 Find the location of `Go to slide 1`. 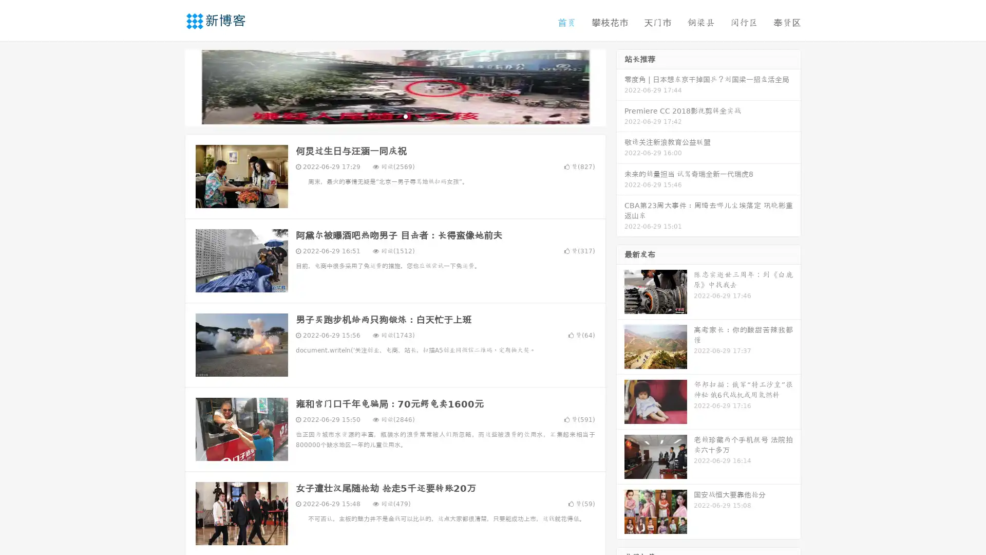

Go to slide 1 is located at coordinates (384, 116).